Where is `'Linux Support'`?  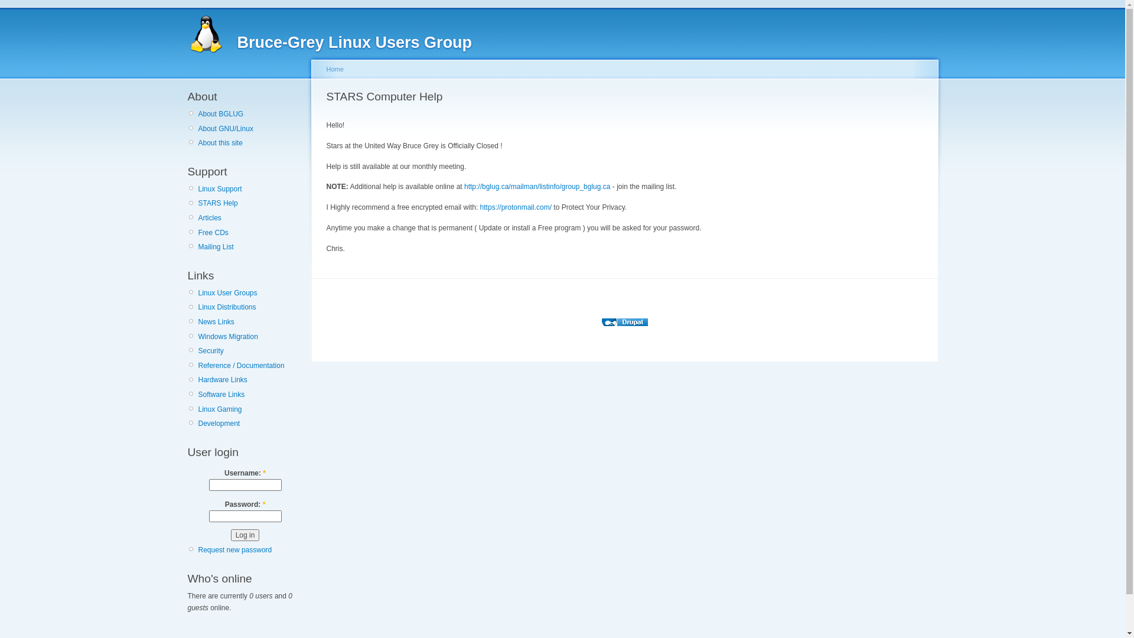 'Linux Support' is located at coordinates (250, 188).